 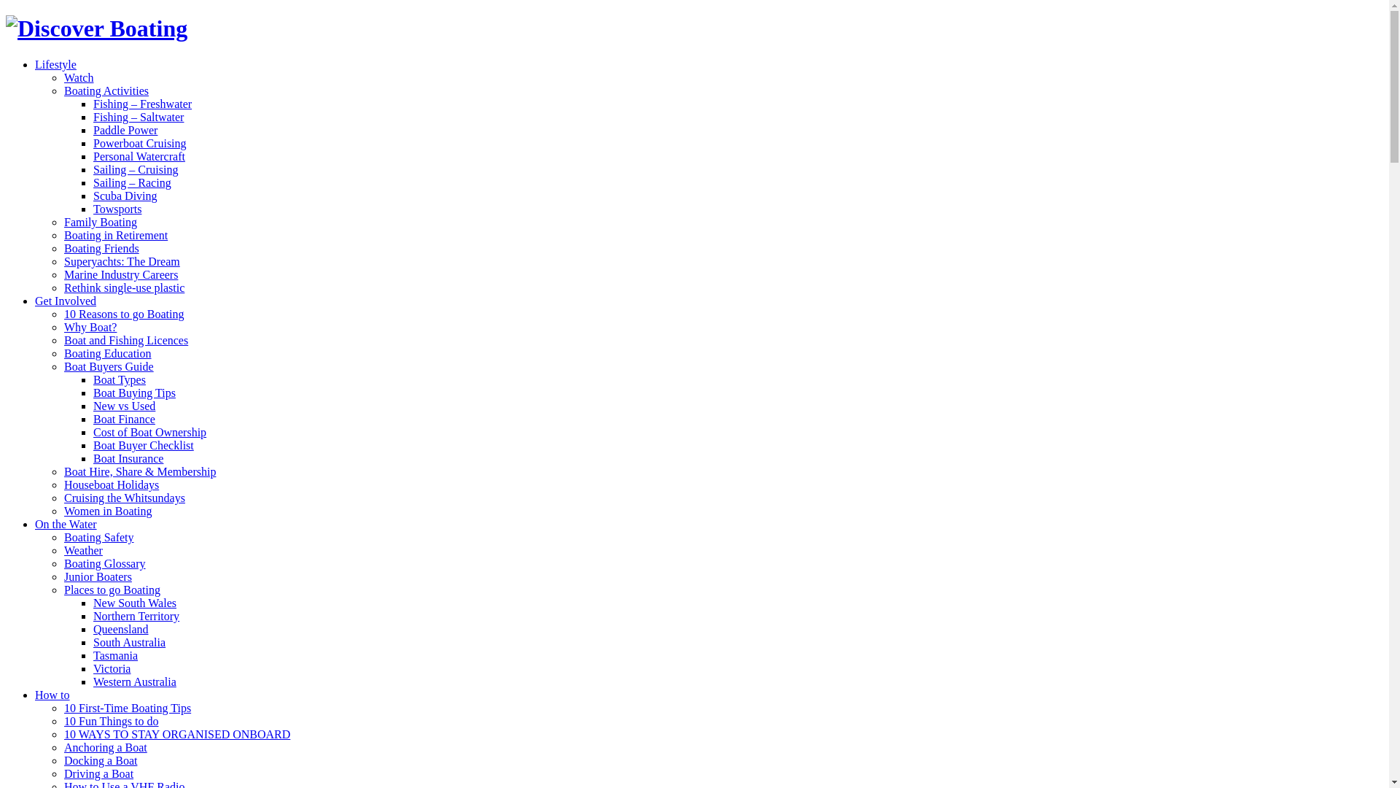 I want to click on 'Superyachts: The Dream', so click(x=63, y=260).